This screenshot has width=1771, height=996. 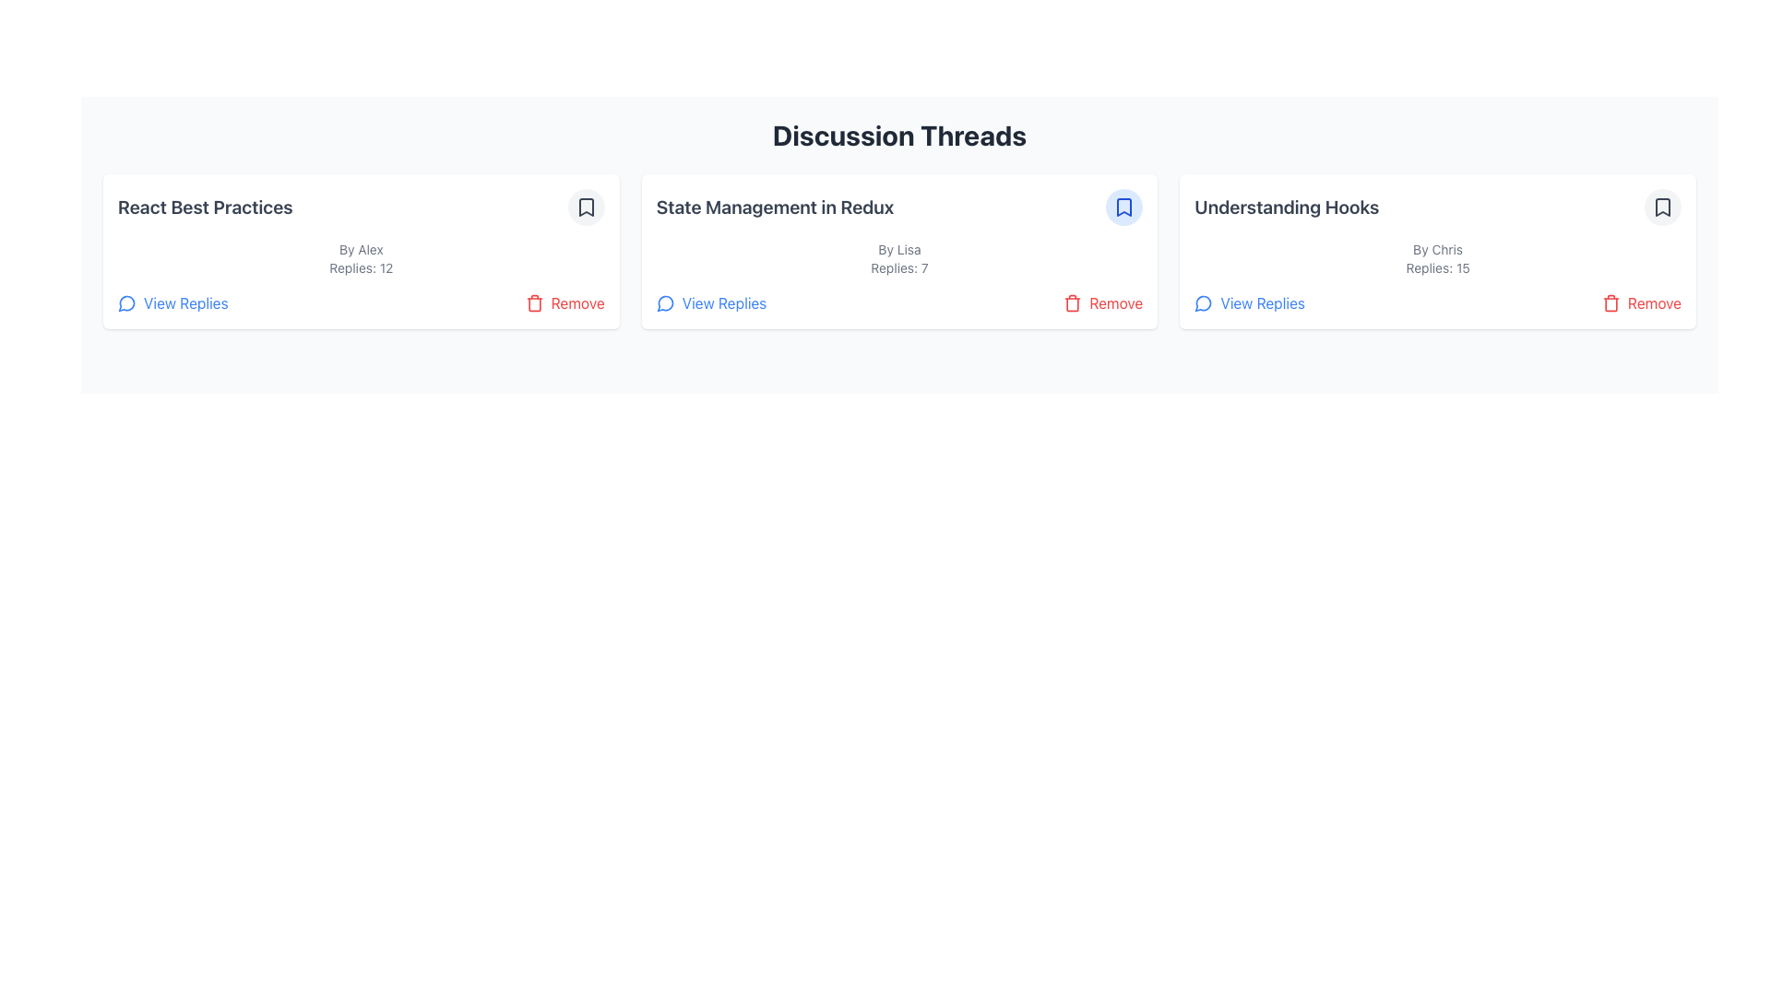 What do you see at coordinates (1262, 302) in the screenshot?
I see `the 'View Replies' link in blue text located near the bottom left corner of the 'Understanding Hooks' discussion card` at bounding box center [1262, 302].